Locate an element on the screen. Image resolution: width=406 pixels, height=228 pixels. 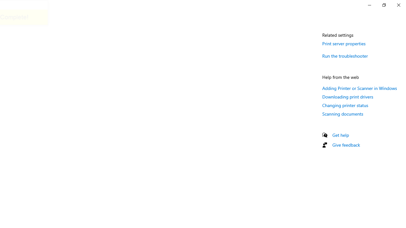
'Changing printer status' is located at coordinates (345, 105).